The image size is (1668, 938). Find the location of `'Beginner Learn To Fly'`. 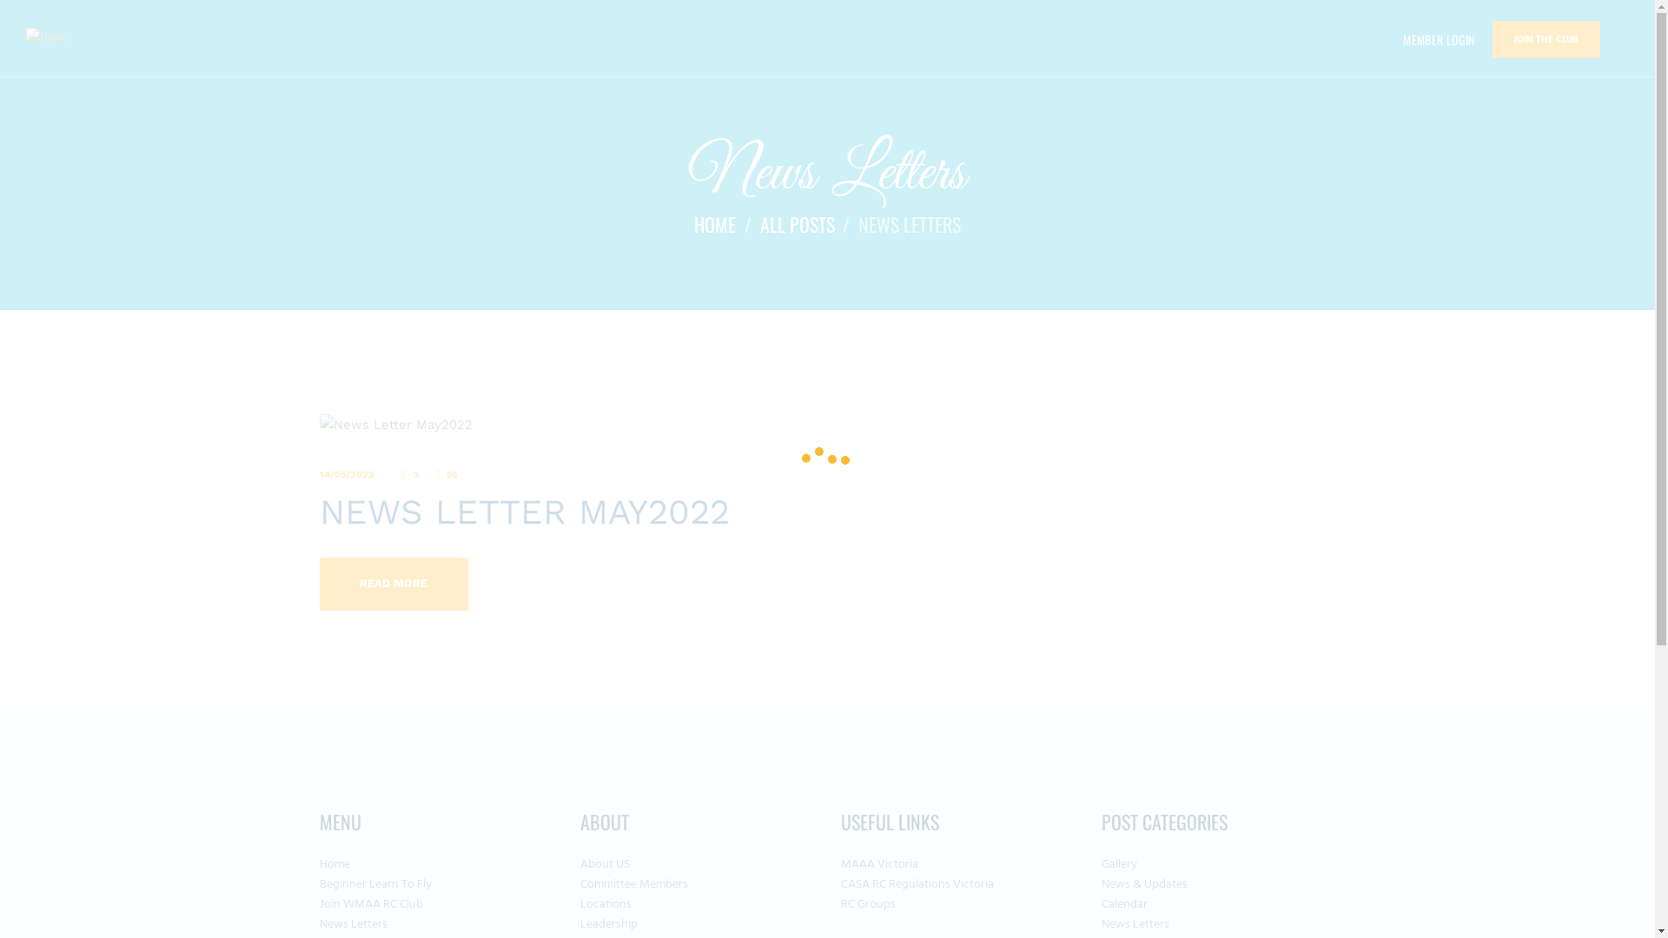

'Beginner Learn To Fly' is located at coordinates (320, 884).